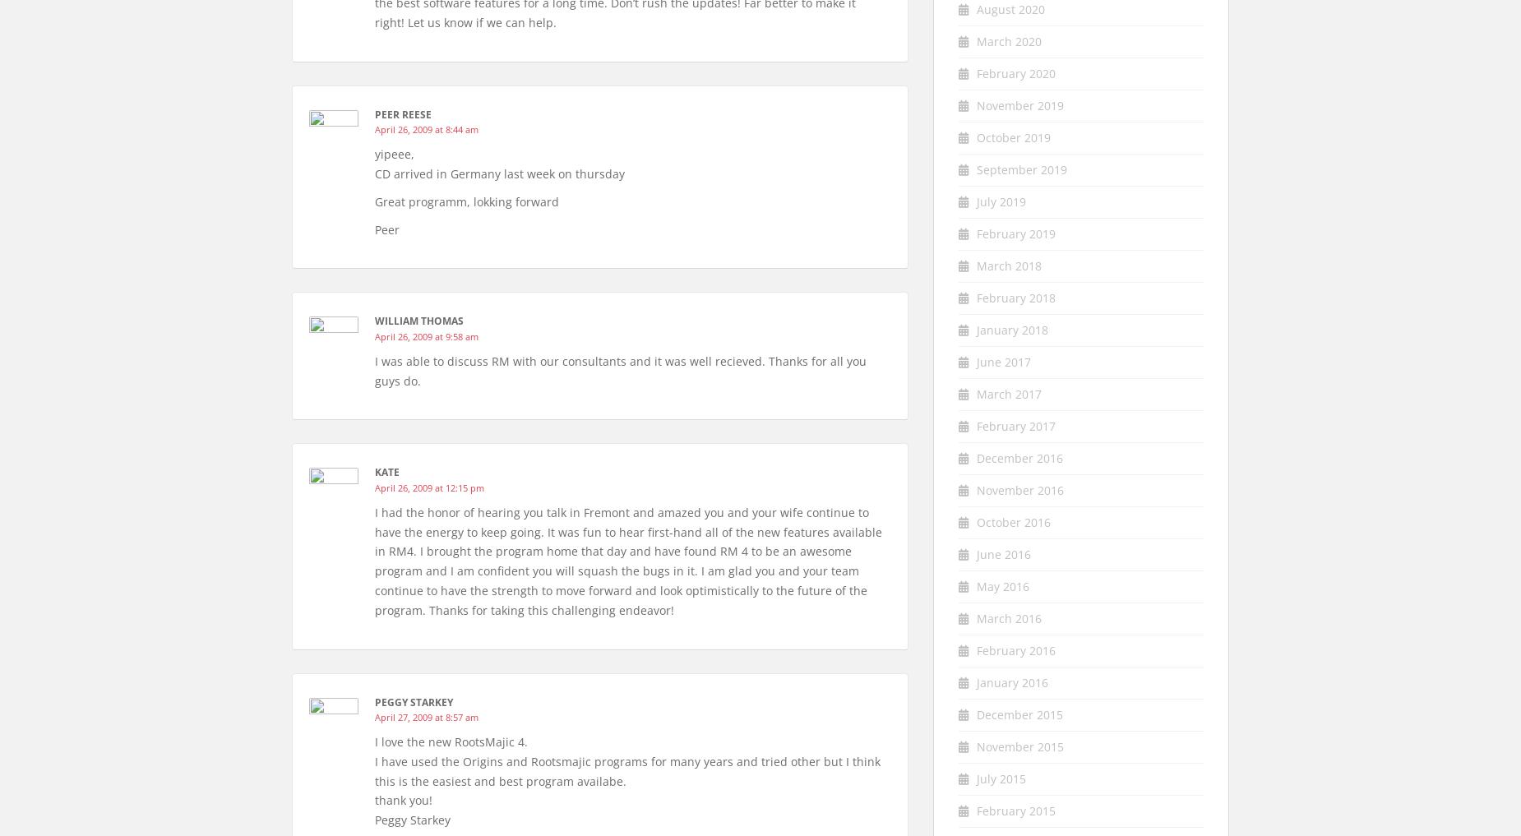 The width and height of the screenshot is (1521, 836). Describe the element at coordinates (395, 154) in the screenshot. I see `'yipeee,'` at that location.